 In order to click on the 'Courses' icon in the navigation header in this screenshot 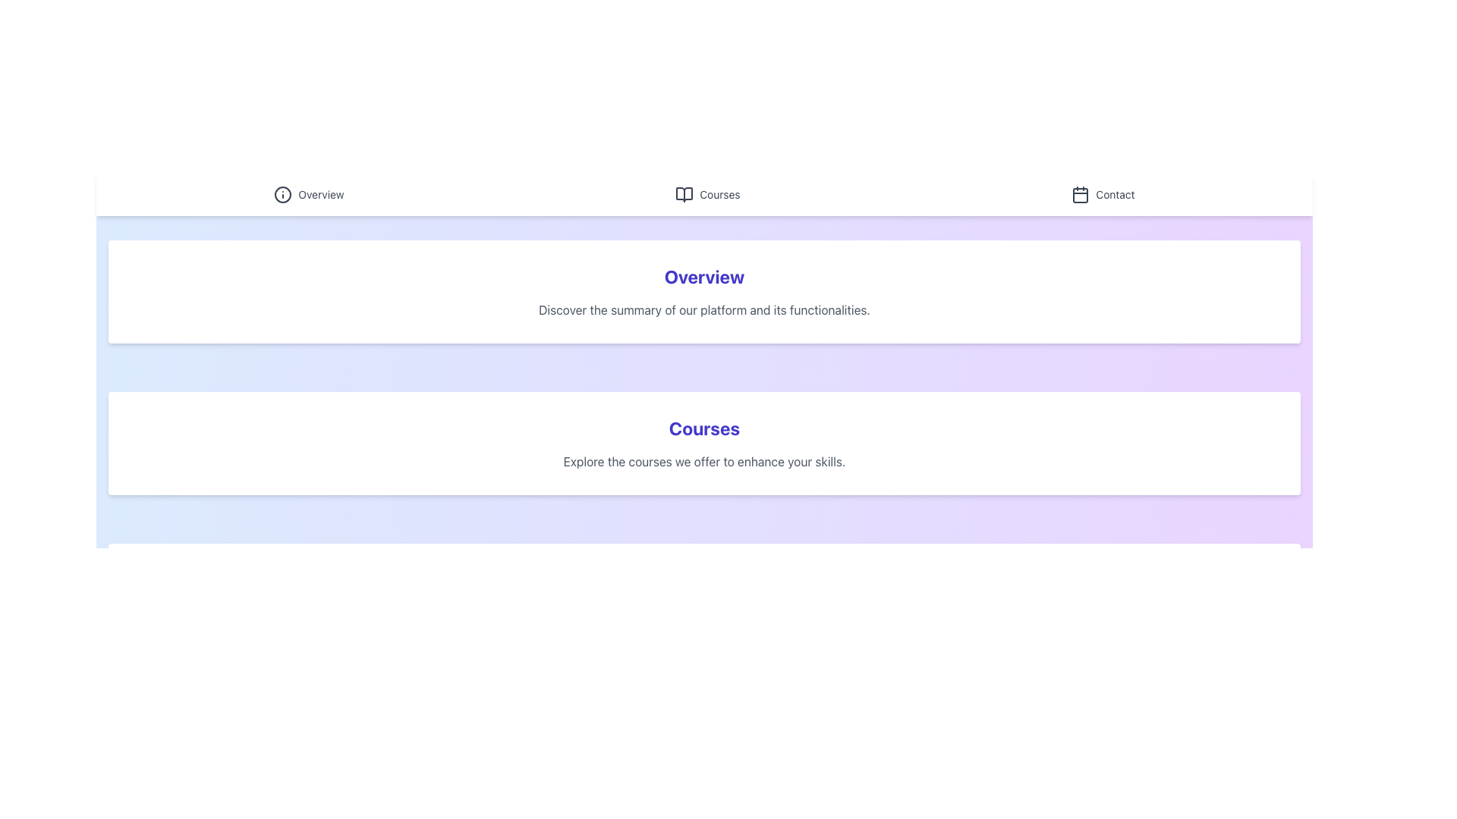, I will do `click(684, 194)`.